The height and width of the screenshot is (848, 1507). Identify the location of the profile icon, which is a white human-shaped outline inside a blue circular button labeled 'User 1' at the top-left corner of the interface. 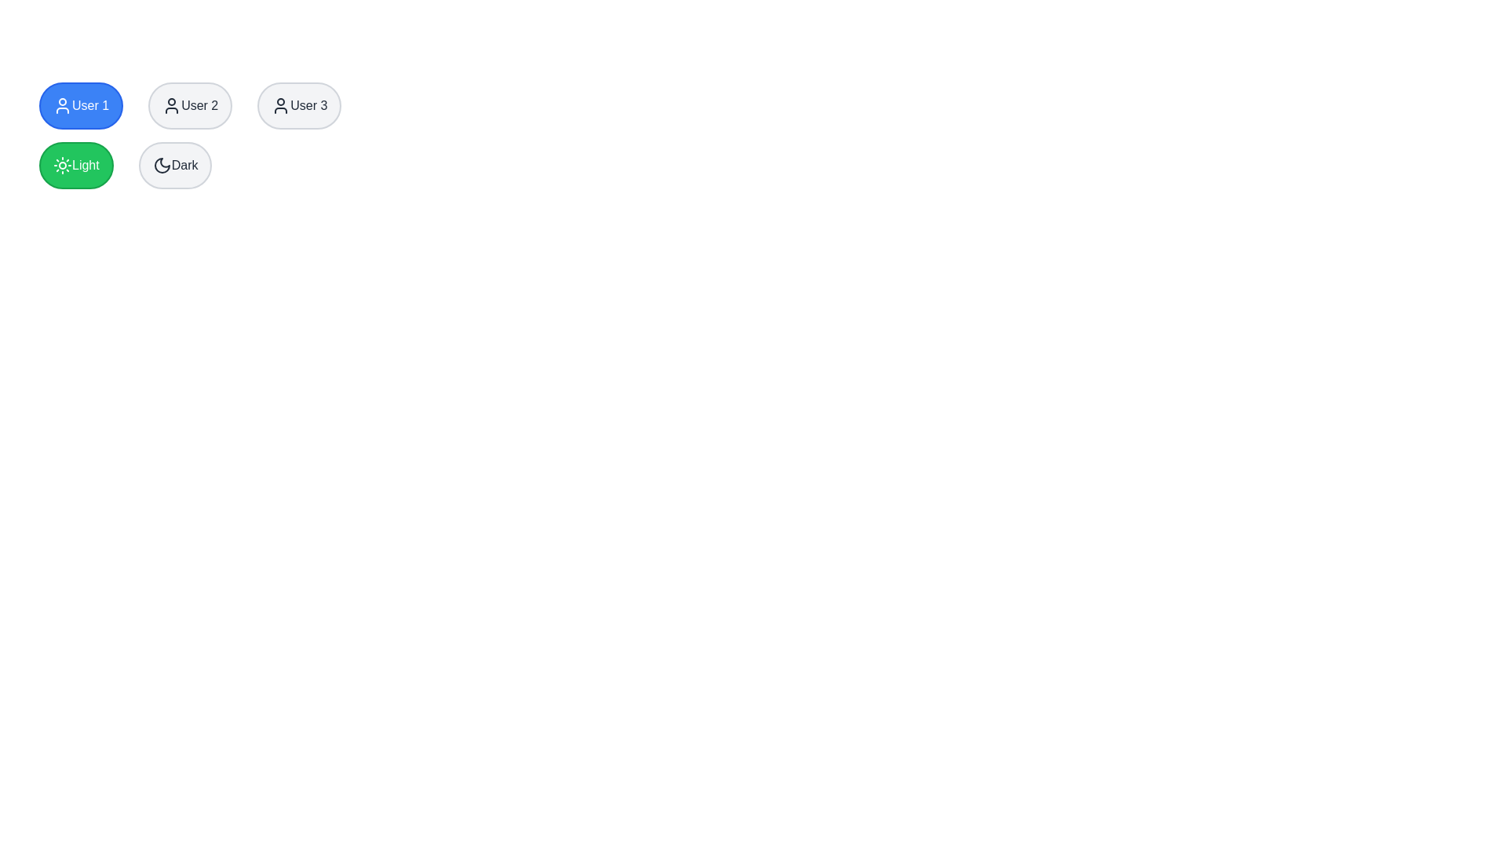
(63, 106).